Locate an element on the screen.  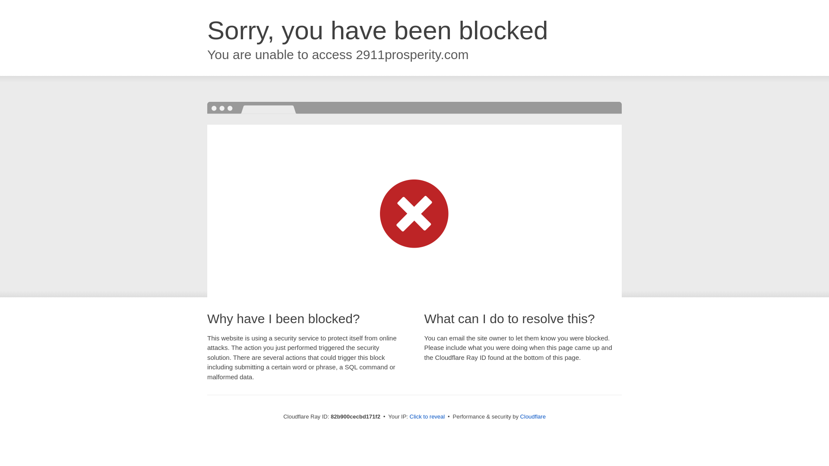
'Cloudflare' is located at coordinates (519, 416).